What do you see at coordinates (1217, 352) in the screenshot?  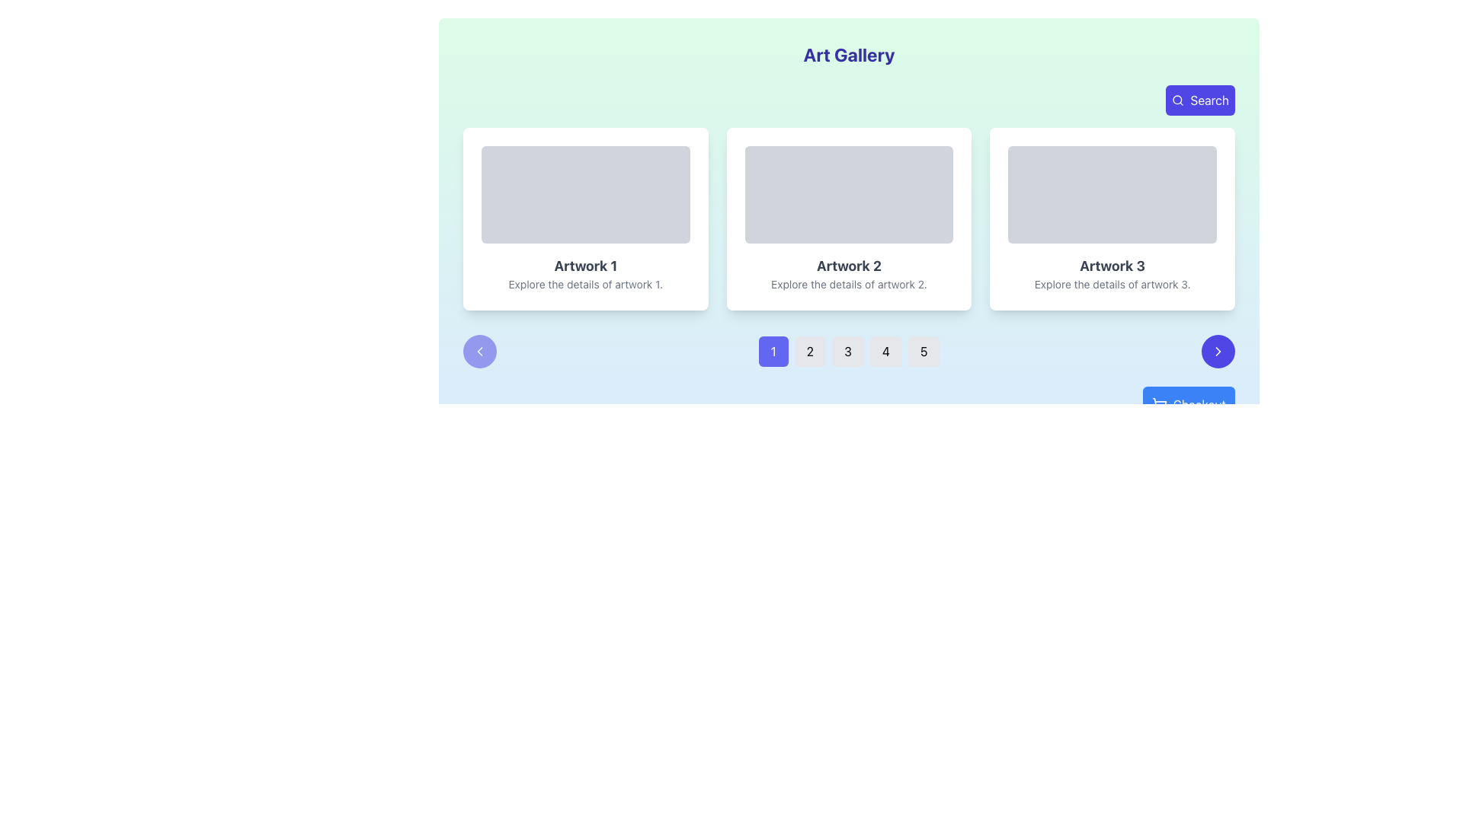 I see `the rightward-pointing chevron arrow icon within the circular button located in the bottom-right section of the interface` at bounding box center [1217, 352].